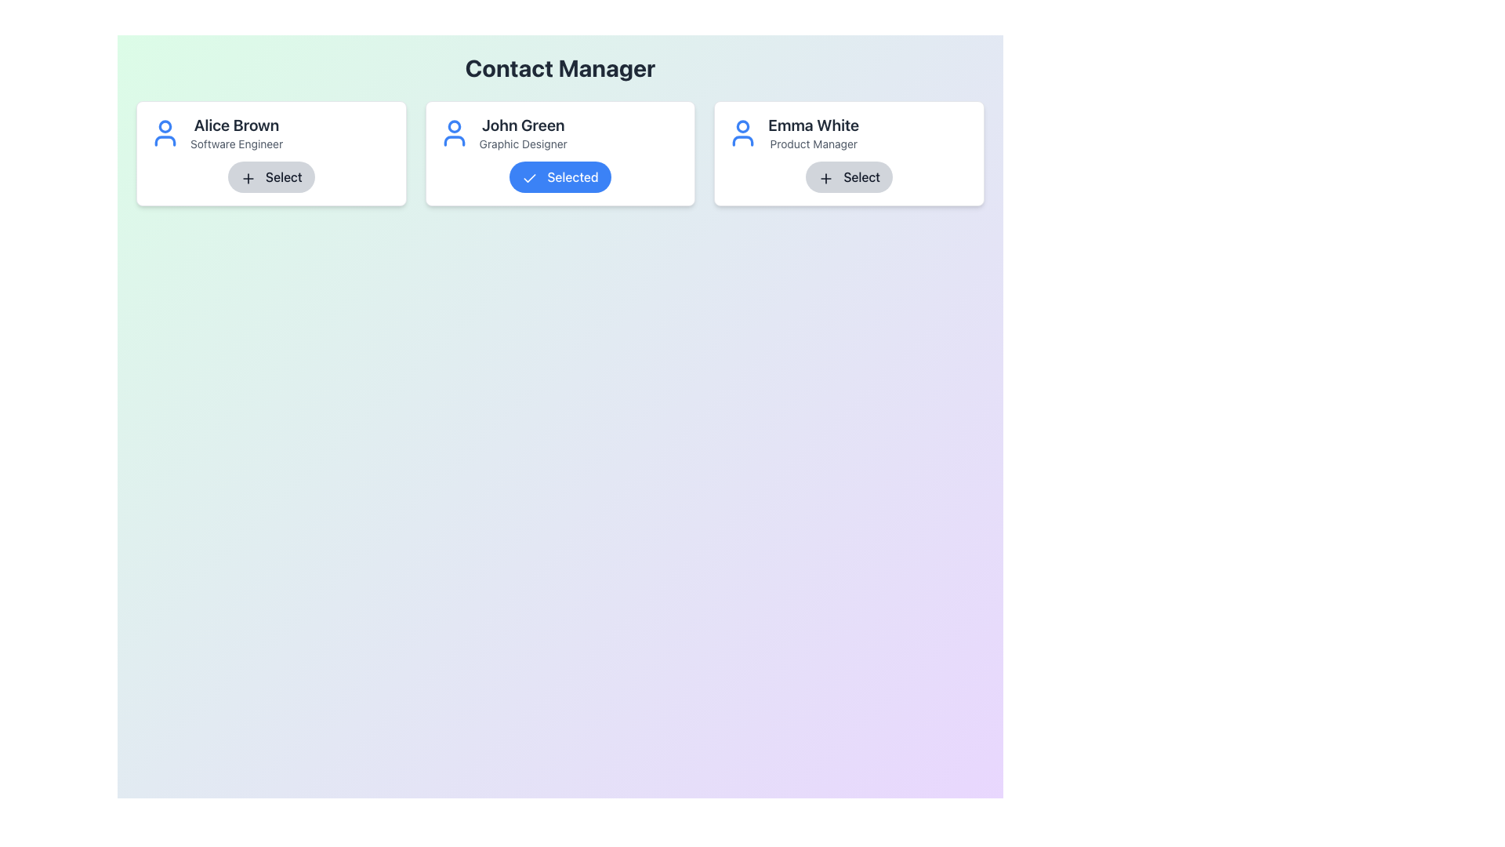 The width and height of the screenshot is (1505, 847). I want to click on the text label displaying 'Product Manager' located beneath the name 'Emma White' within the card on the top-right of the interface, so click(814, 144).